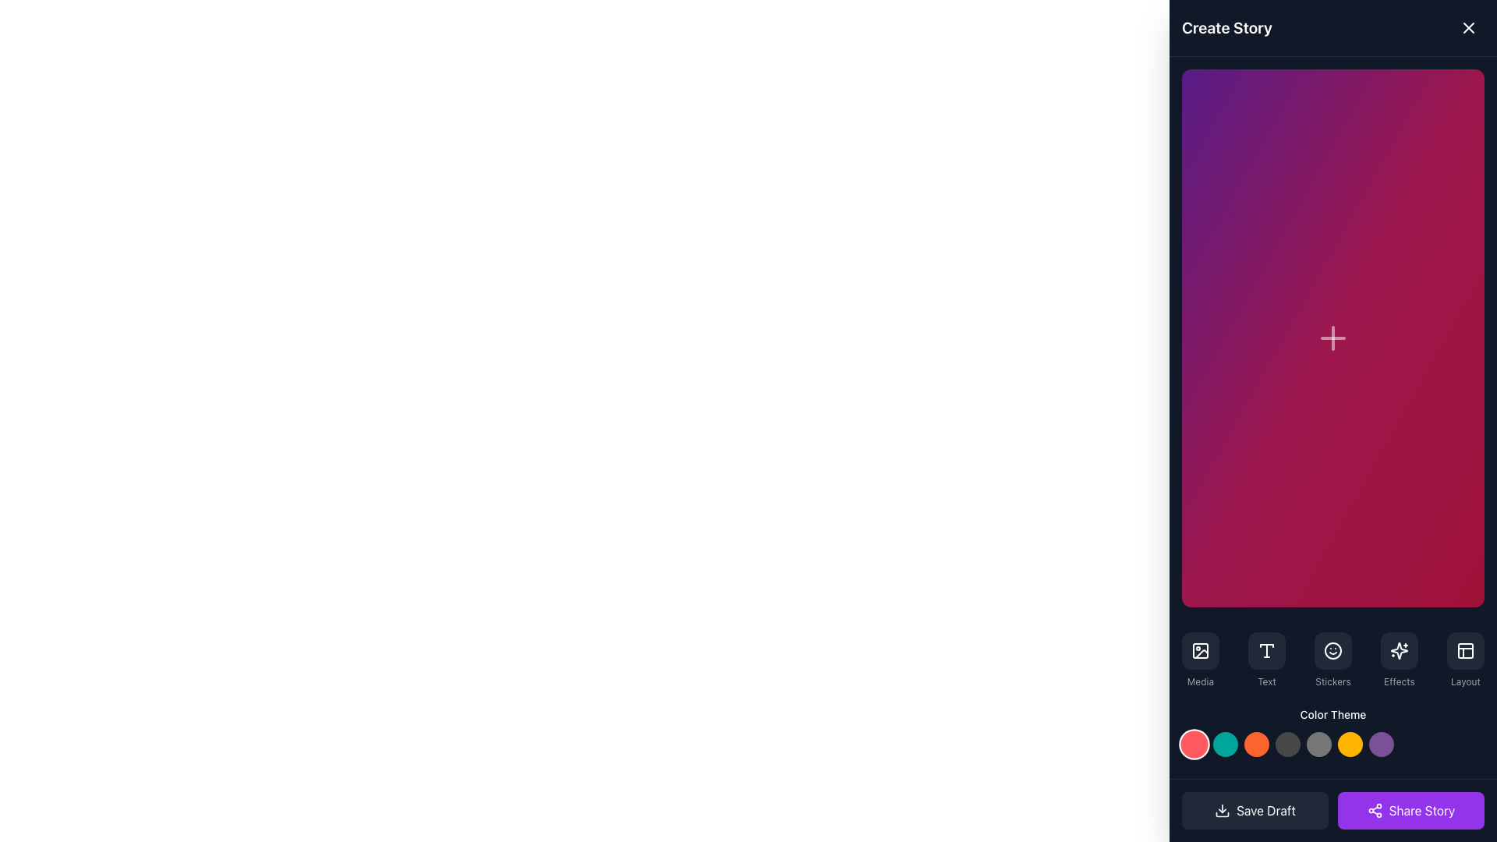  Describe the element at coordinates (1255, 810) in the screenshot. I see `the 'Save Draft' button, which is the leftmost button in a horizontal row at the bottom right of the modal interface` at that location.